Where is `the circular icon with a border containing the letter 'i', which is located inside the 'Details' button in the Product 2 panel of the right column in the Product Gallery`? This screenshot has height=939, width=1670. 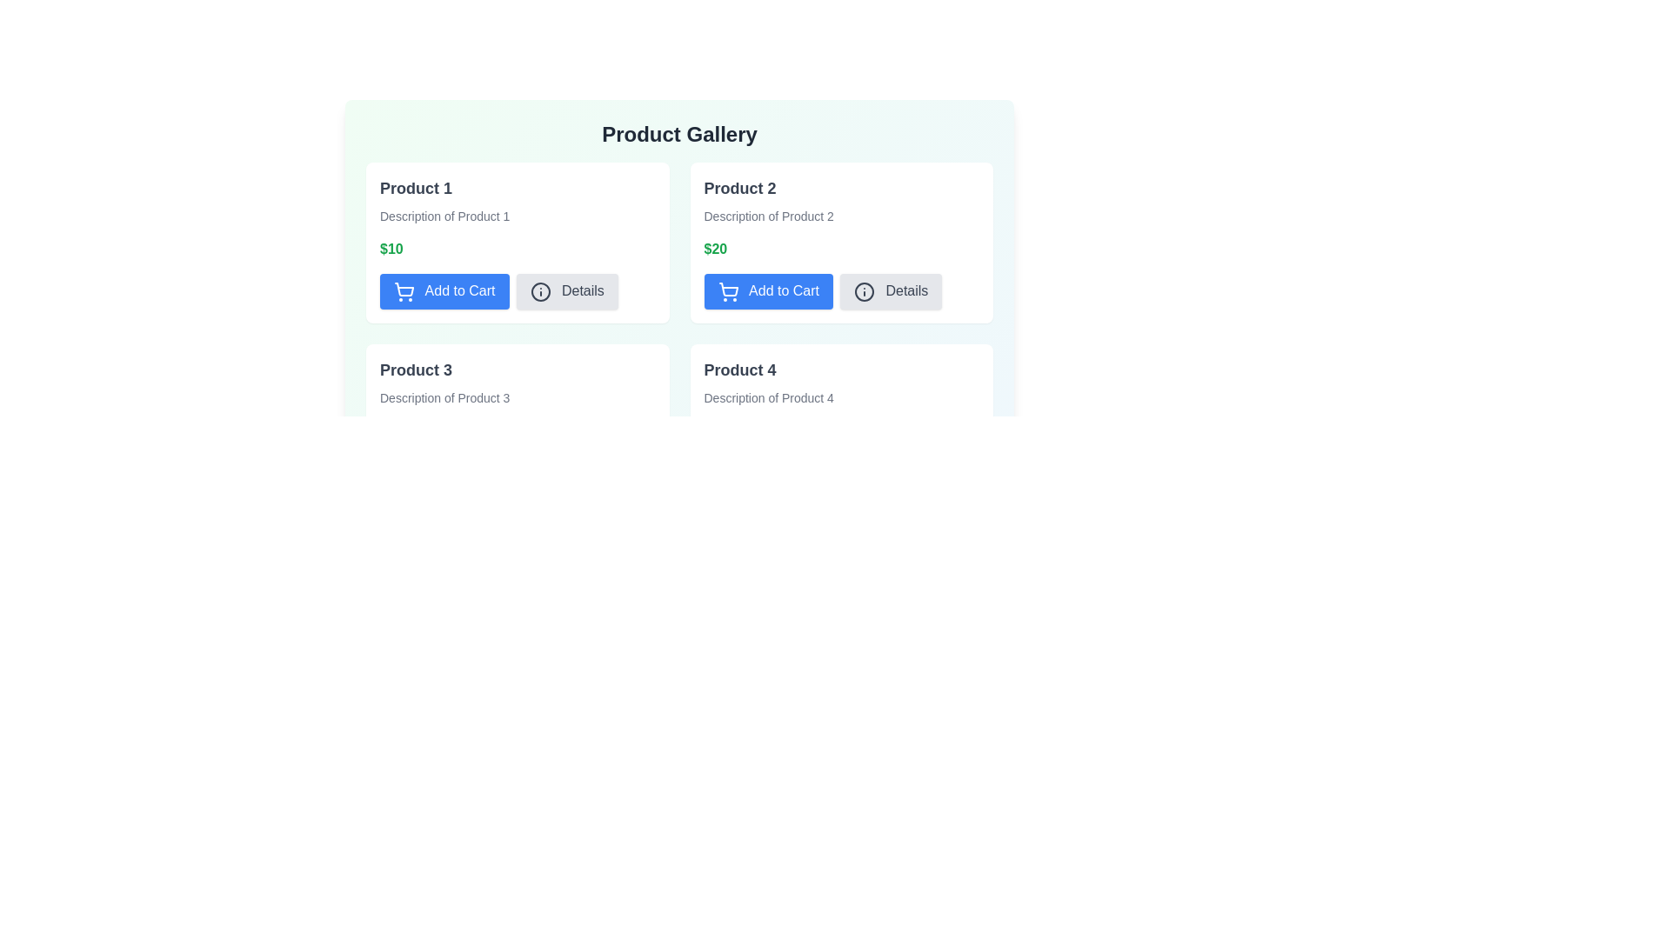 the circular icon with a border containing the letter 'i', which is located inside the 'Details' button in the Product 2 panel of the right column in the Product Gallery is located at coordinates (864, 290).